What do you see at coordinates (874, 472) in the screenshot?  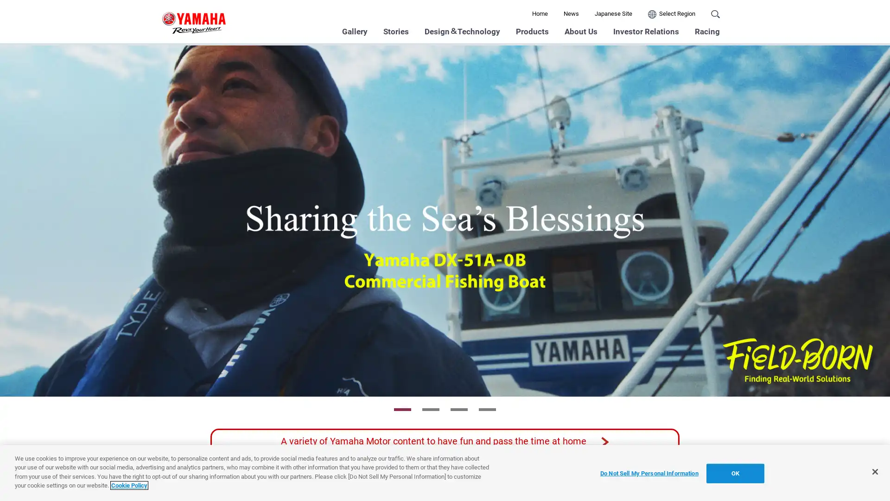 I see `Close` at bounding box center [874, 472].